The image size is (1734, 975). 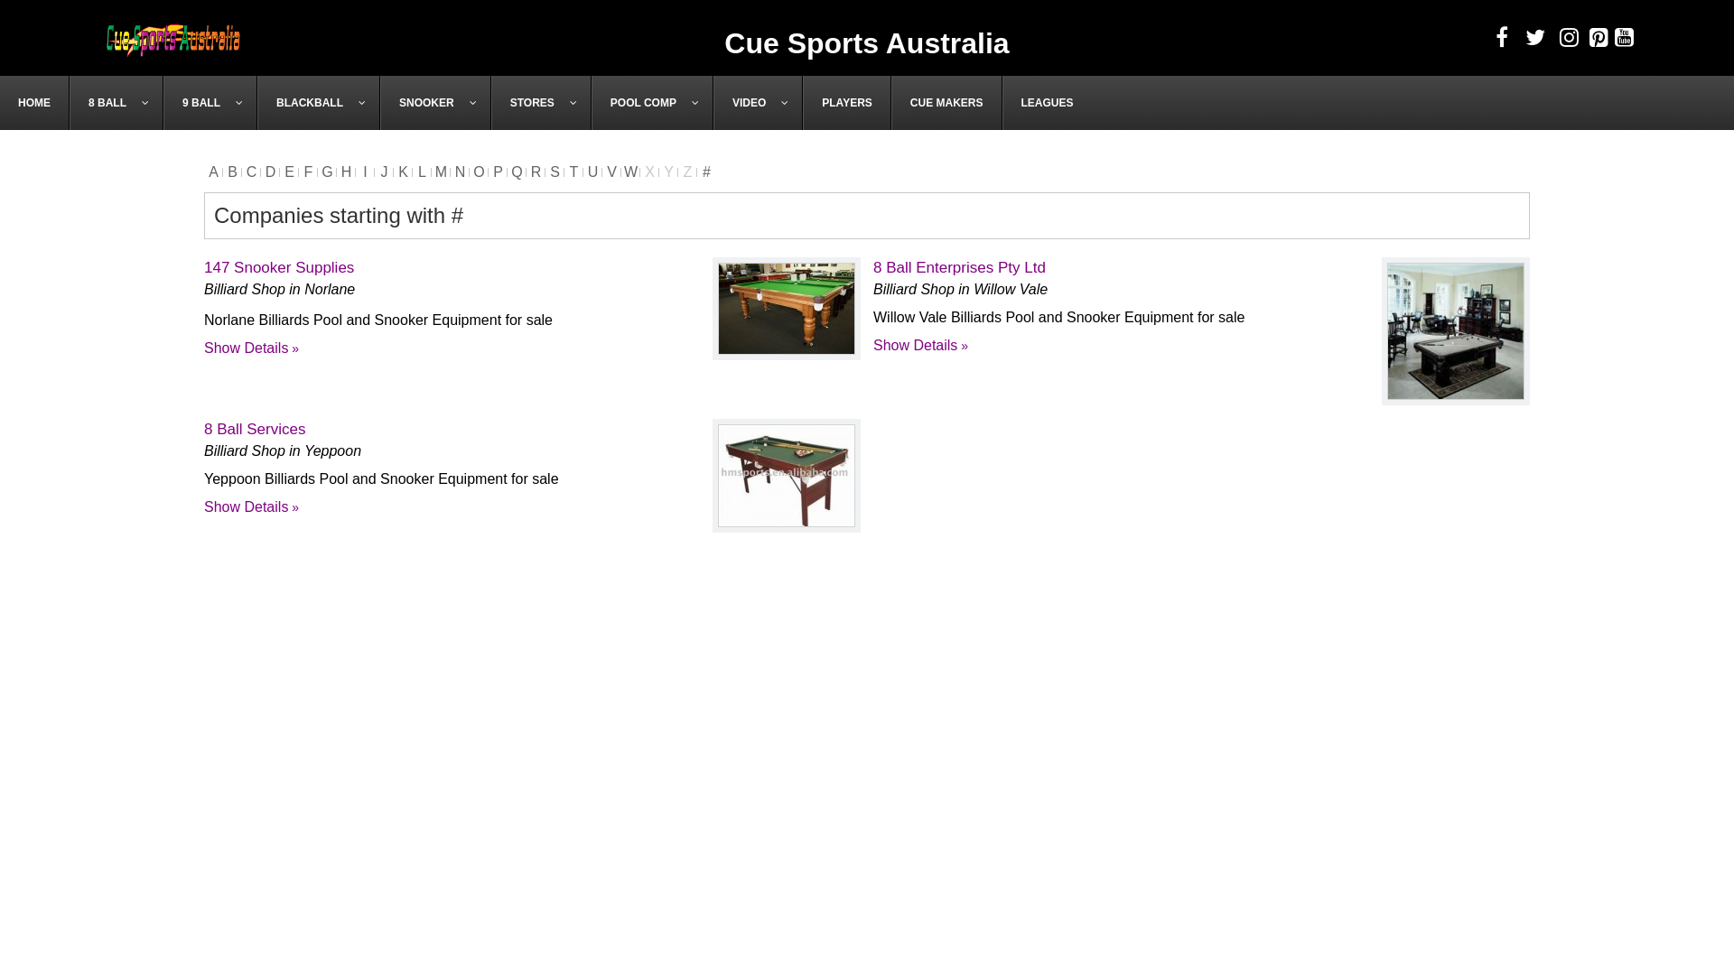 I want to click on 'T', so click(x=563, y=172).